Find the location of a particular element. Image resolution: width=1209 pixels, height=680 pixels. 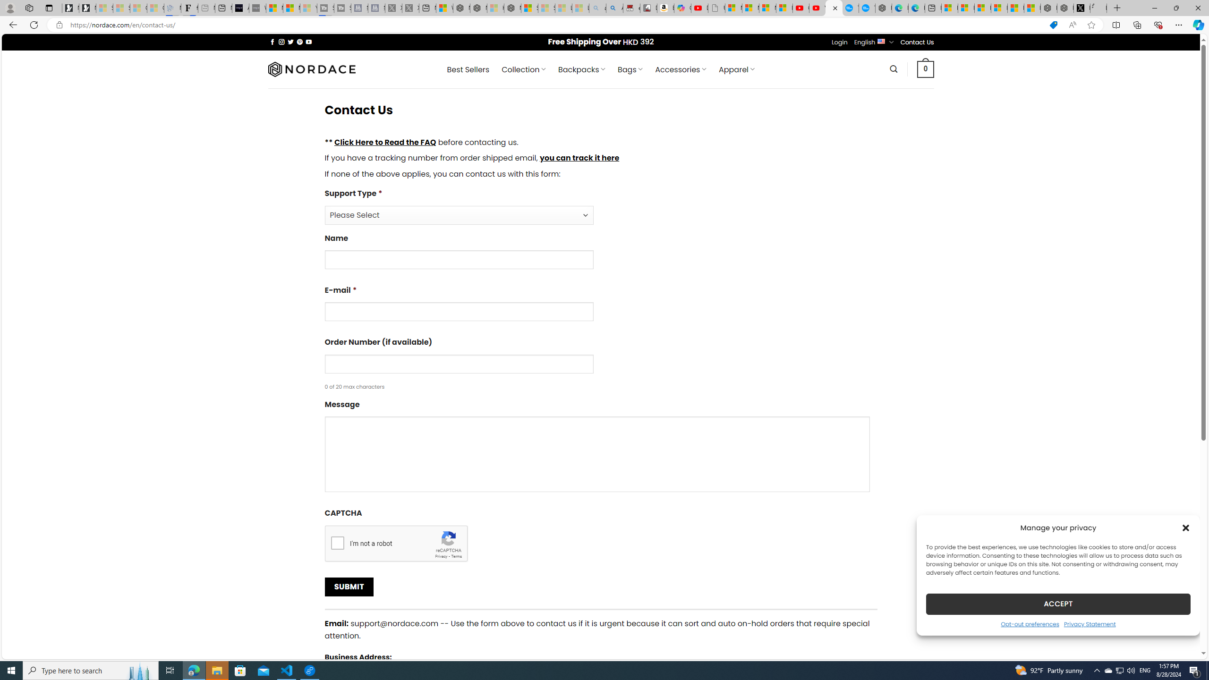

'Class: cmplz-close' is located at coordinates (1186, 527).